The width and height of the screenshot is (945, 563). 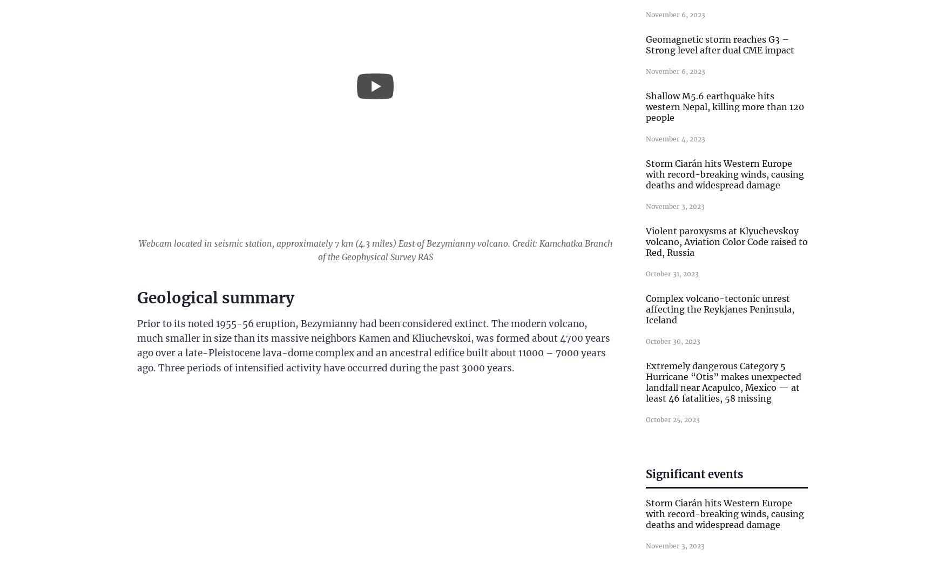 I want to click on 'October 30, 2023', so click(x=673, y=341).